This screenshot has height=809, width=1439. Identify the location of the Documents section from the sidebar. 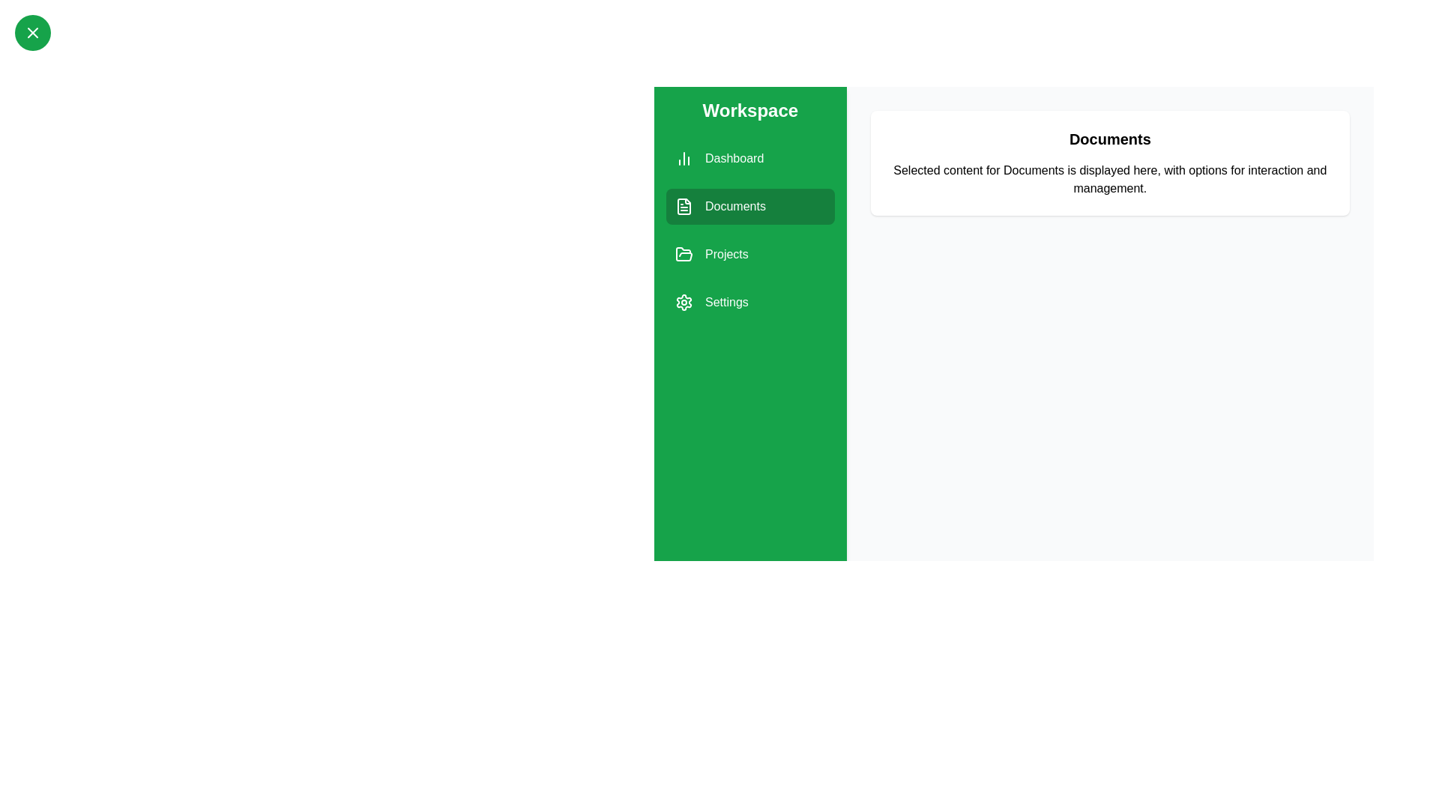
(750, 207).